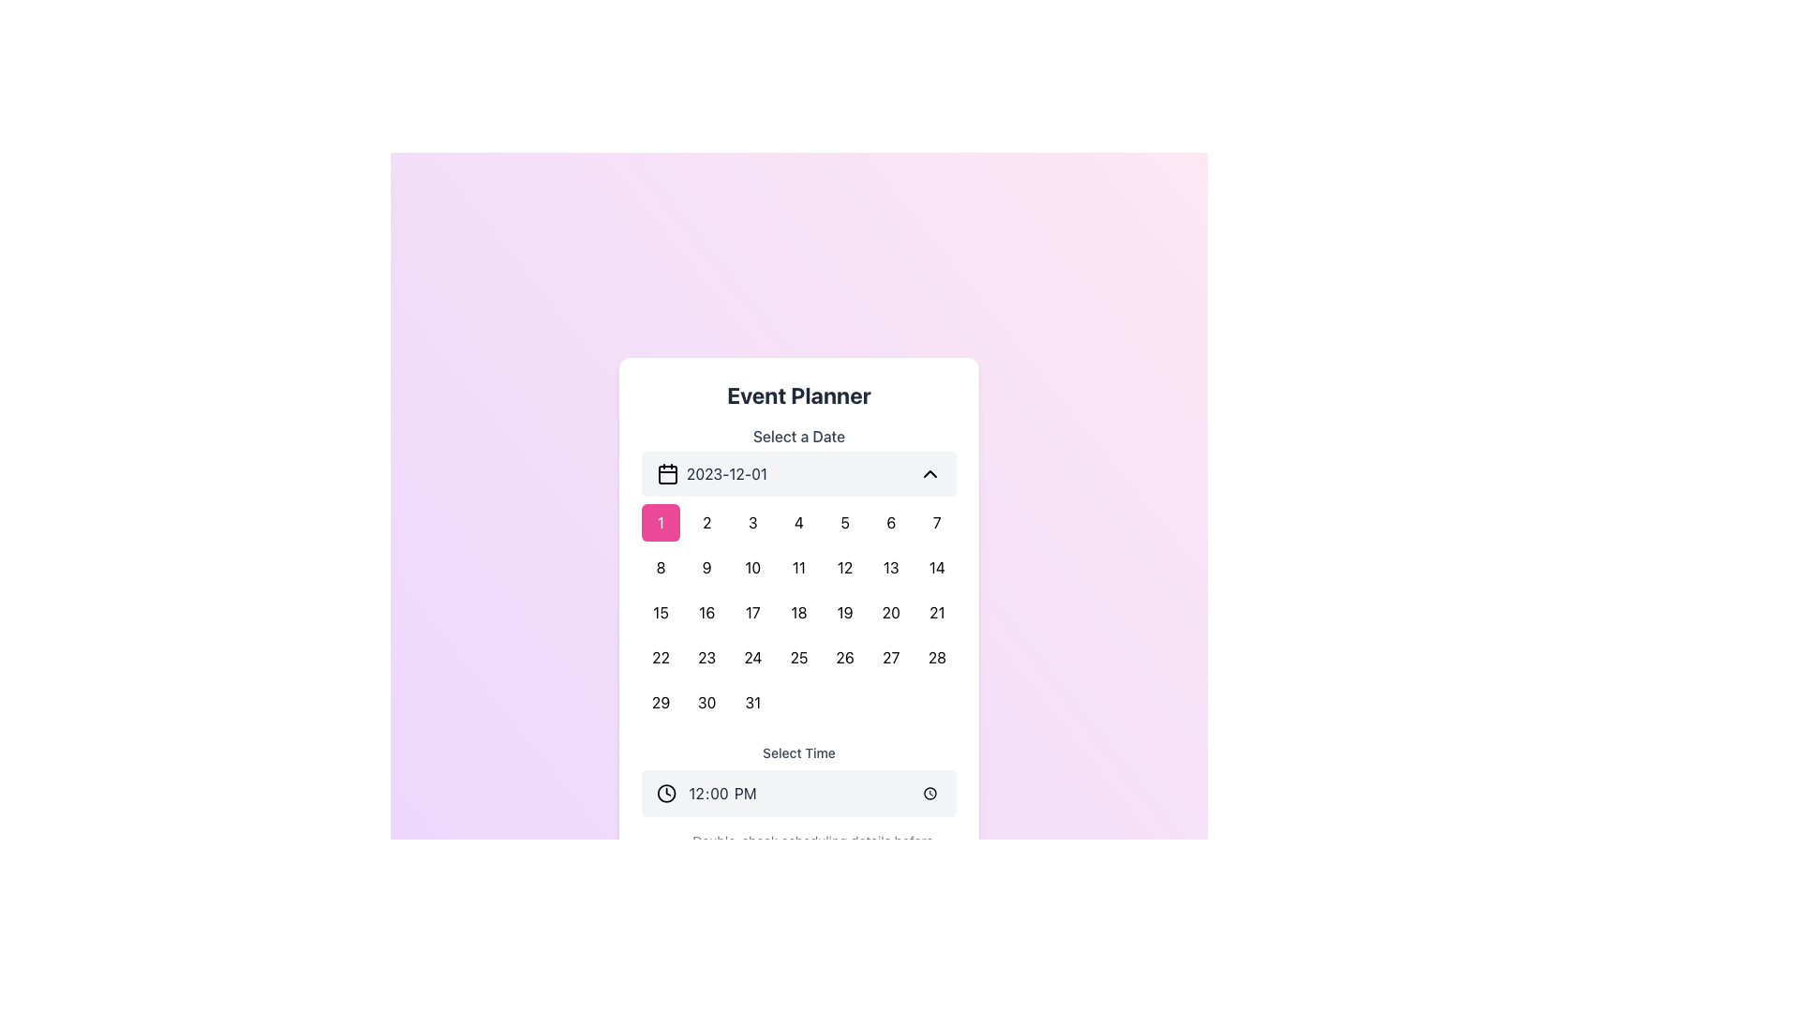  I want to click on the Interactive time selection area located, so click(799, 781).